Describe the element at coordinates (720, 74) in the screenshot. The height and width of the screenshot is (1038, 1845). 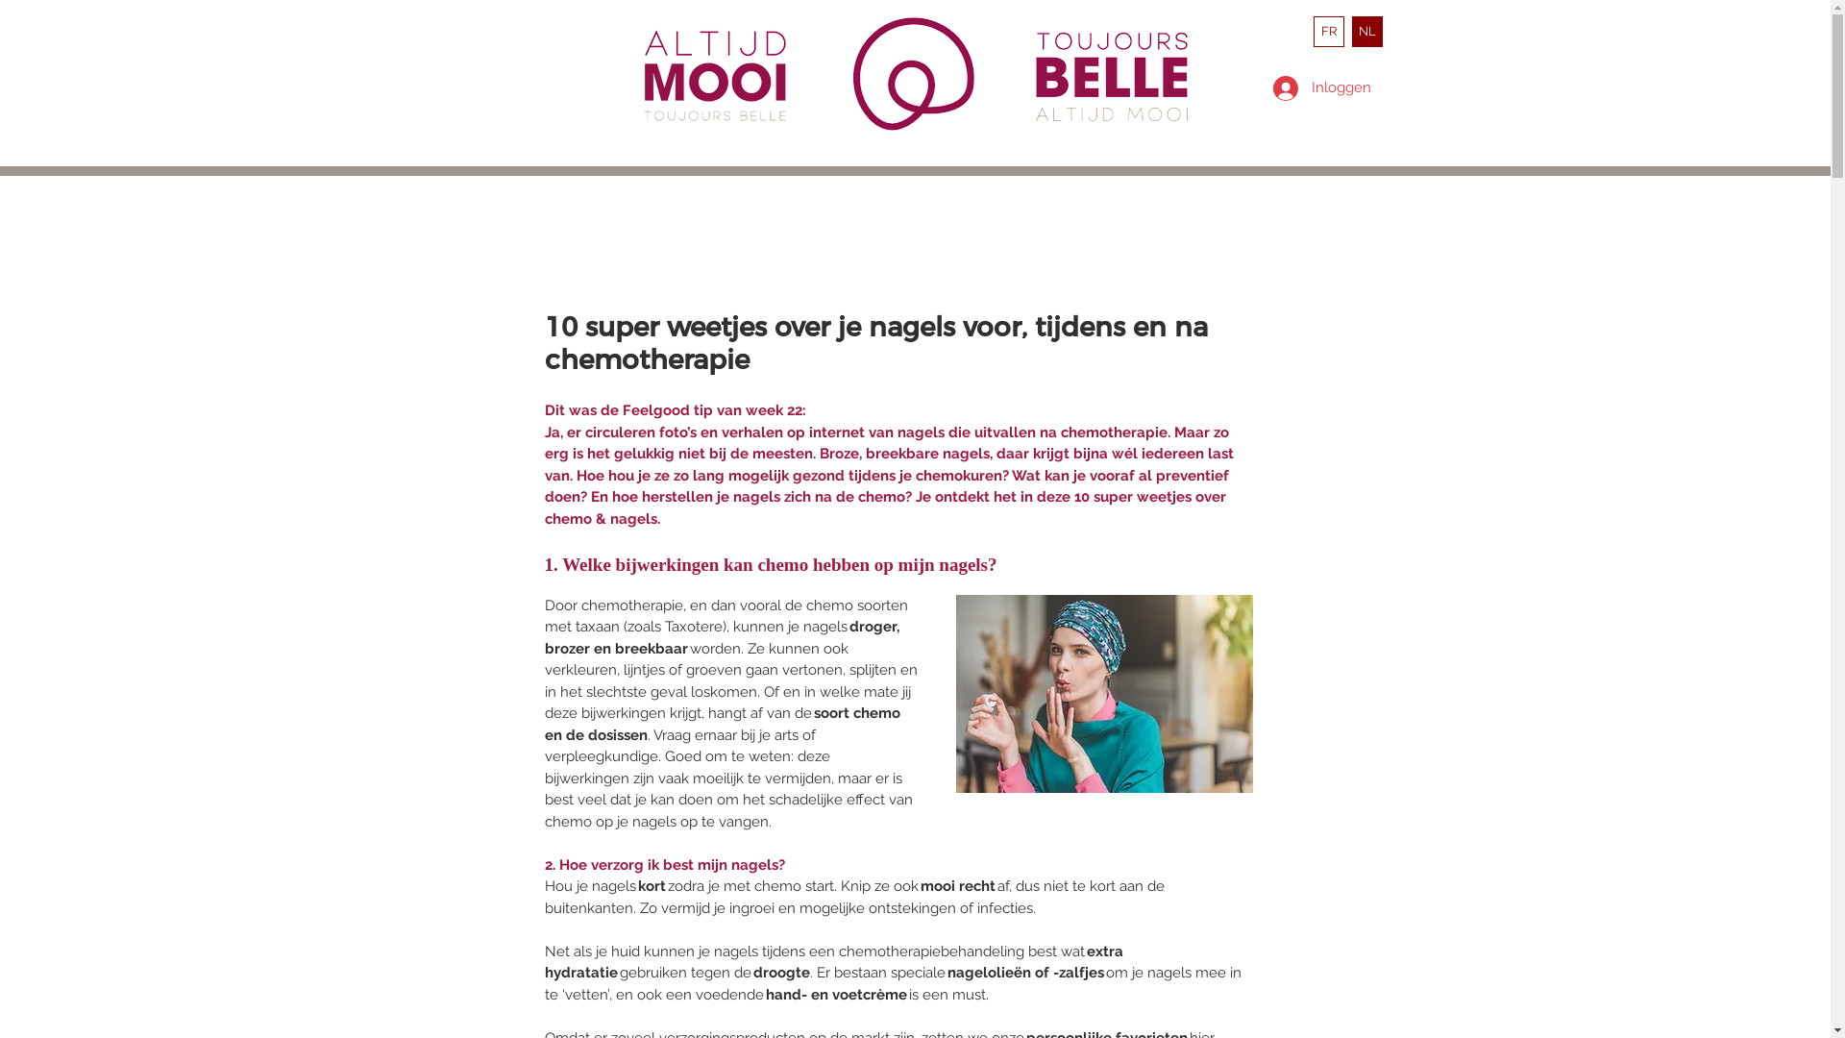
I see `'ALTIJDMOOI_NLLOGOS_HRES_edited_edited.png'` at that location.